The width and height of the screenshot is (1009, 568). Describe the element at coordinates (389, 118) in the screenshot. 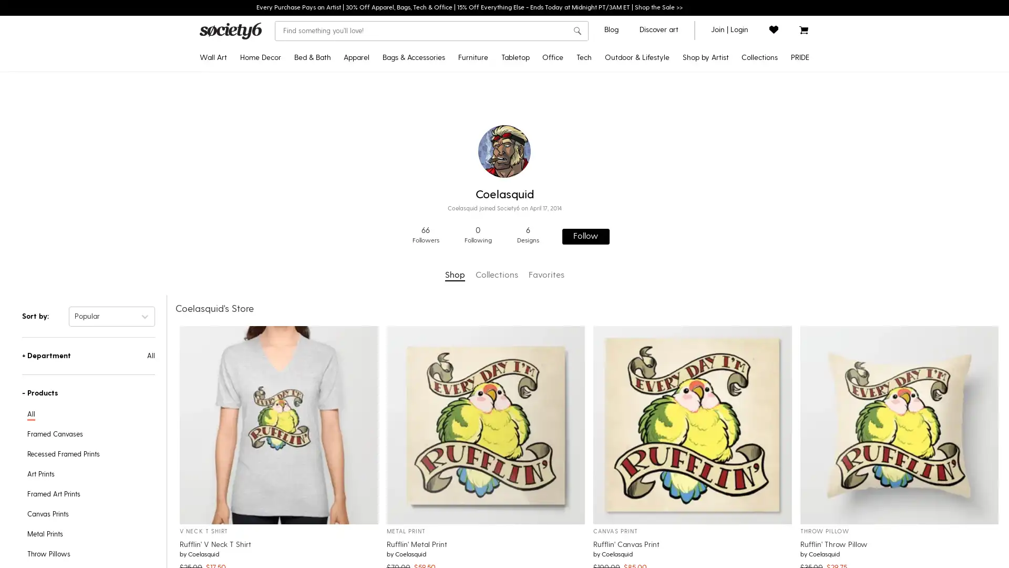

I see `Hoodies` at that location.